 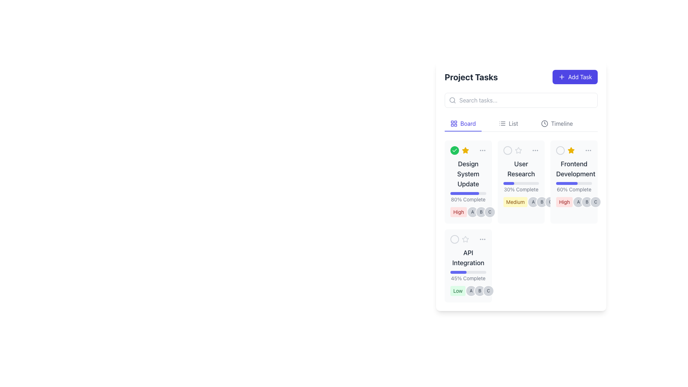 I want to click on text content of the 'API Integration' text block, which is styled with a large font size and medium weight, located above a progress bar in the bottom row of the task cards, so click(x=468, y=258).